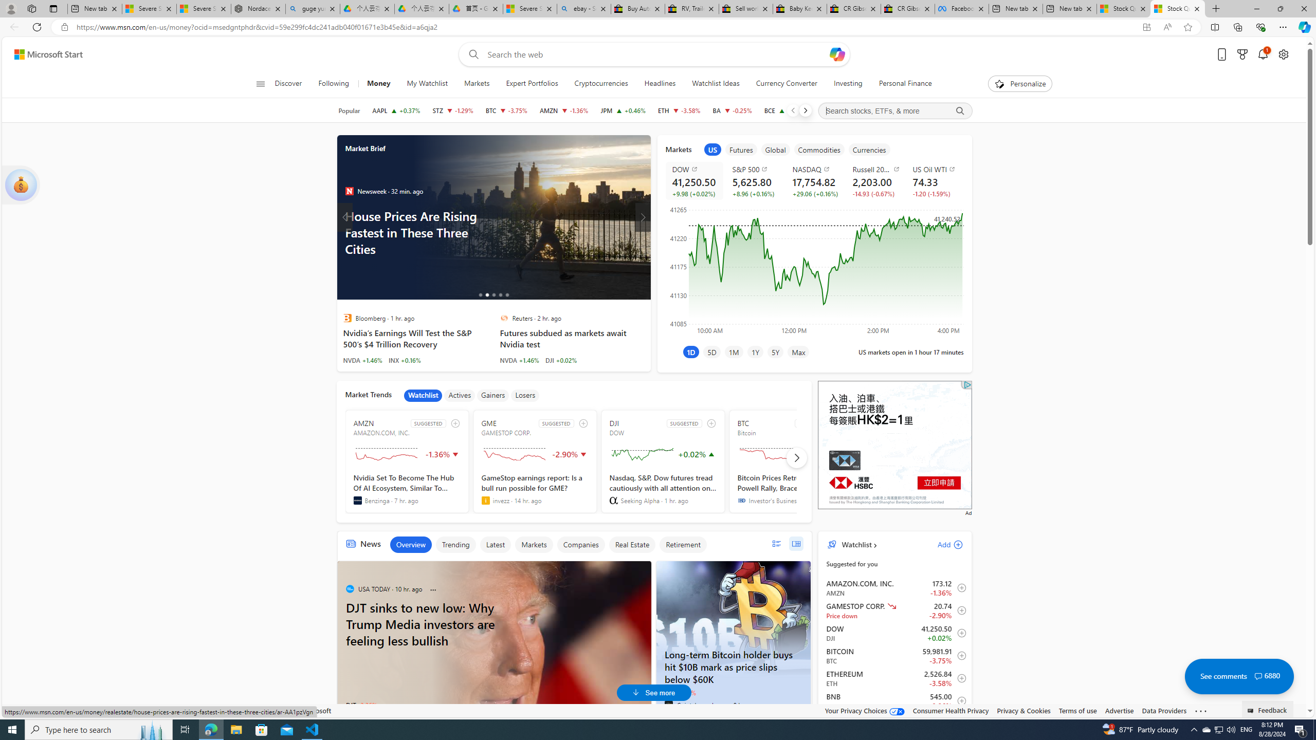 This screenshot has width=1316, height=740. What do you see at coordinates (865, 710) in the screenshot?
I see `'Your Privacy Choices'` at bounding box center [865, 710].